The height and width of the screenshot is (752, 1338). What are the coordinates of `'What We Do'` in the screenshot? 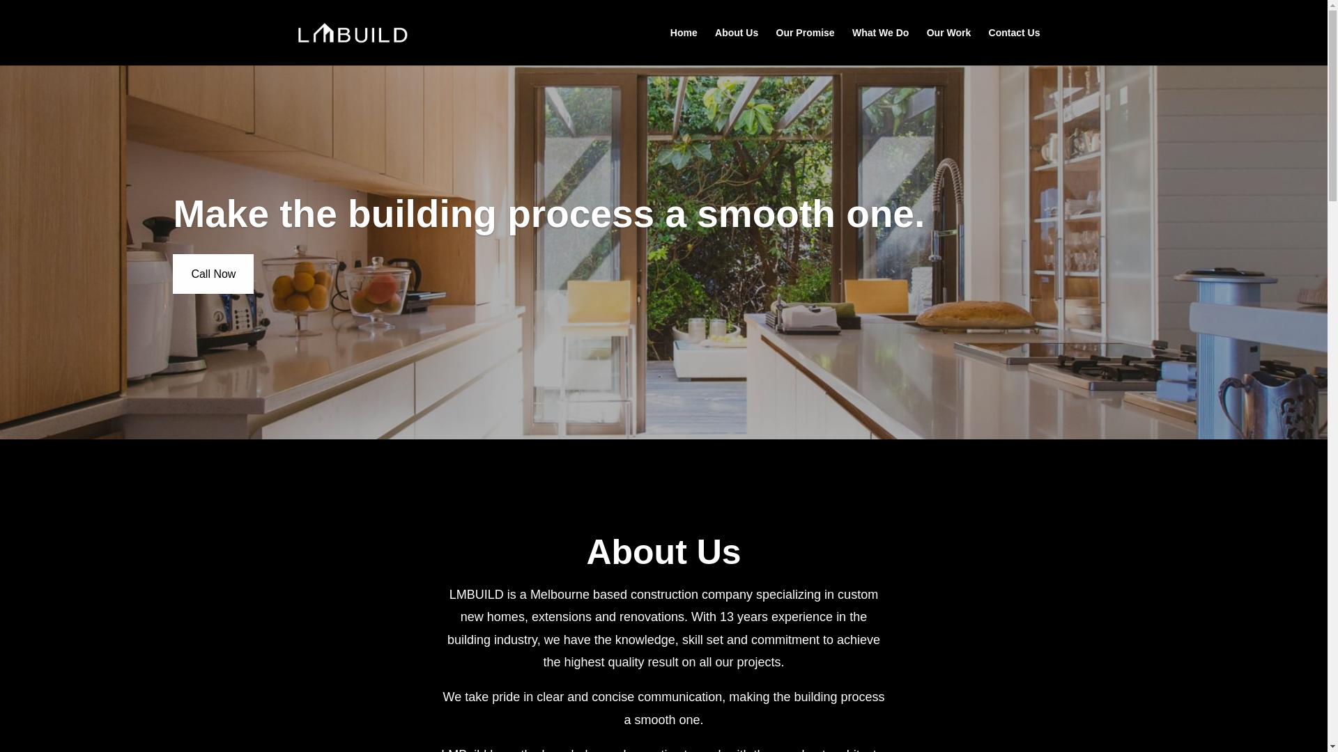 It's located at (879, 45).